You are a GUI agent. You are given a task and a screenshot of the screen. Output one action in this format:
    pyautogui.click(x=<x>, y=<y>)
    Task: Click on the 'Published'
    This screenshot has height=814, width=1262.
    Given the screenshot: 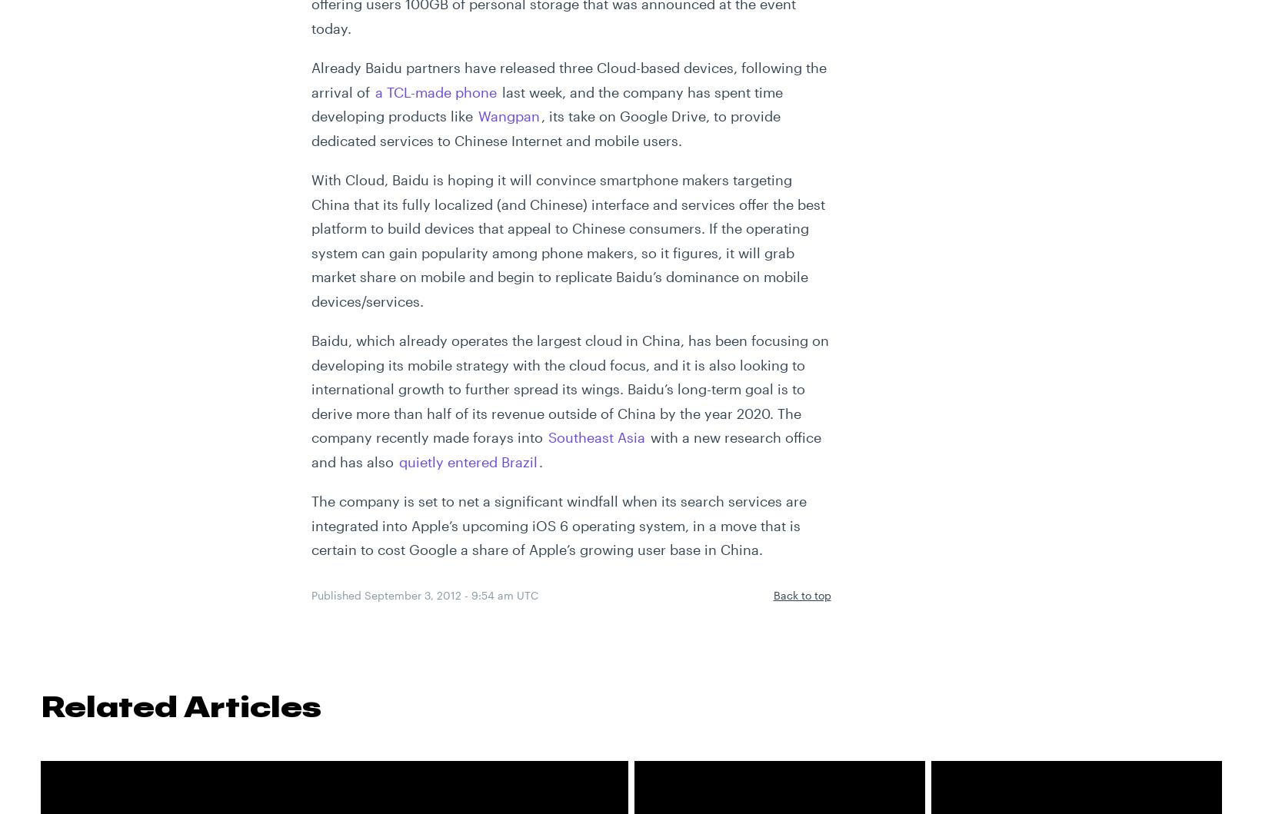 What is the action you would take?
    pyautogui.click(x=336, y=593)
    